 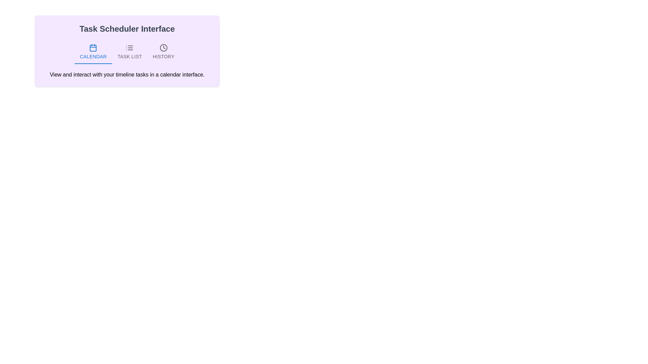 What do you see at coordinates (127, 52) in the screenshot?
I see `the Tab bar containing the 'Calendar', 'Task List', and 'History' tabs to trigger the tooltip or hover interaction` at bounding box center [127, 52].